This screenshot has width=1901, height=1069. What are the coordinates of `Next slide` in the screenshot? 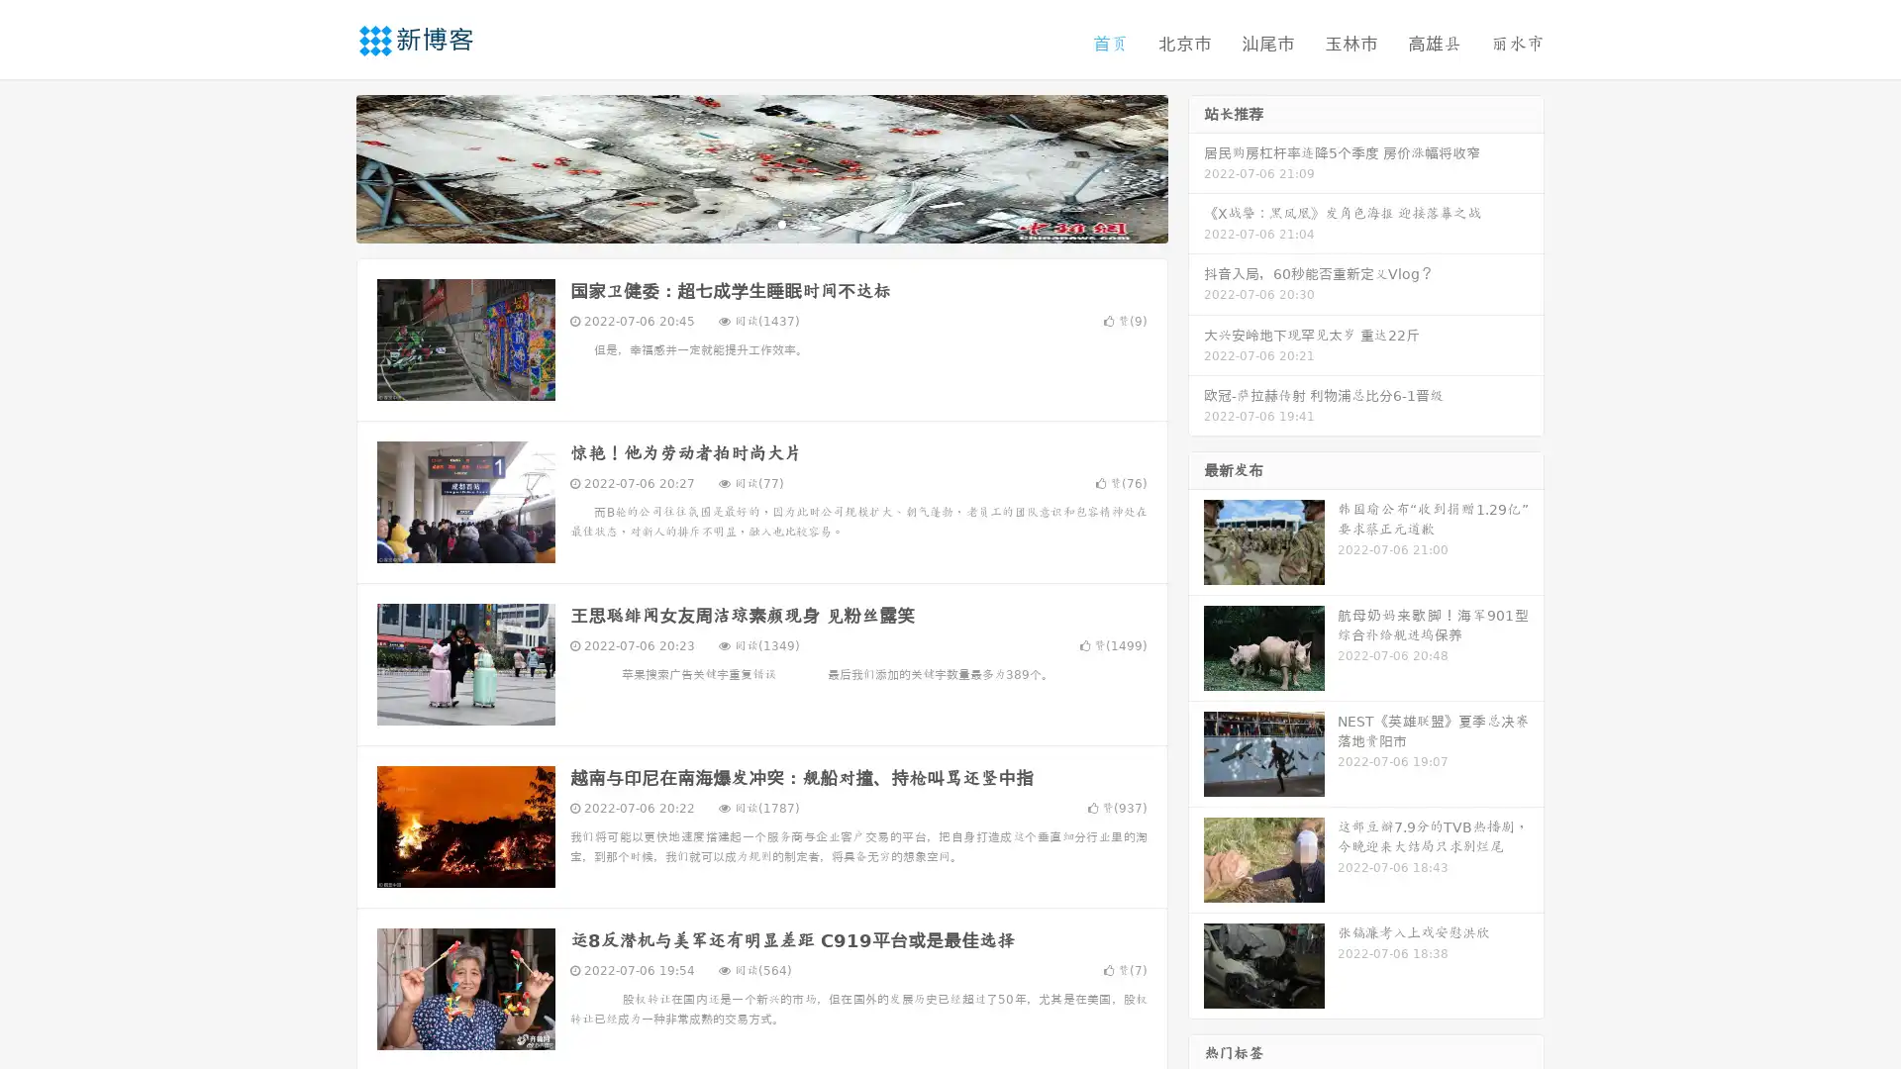 It's located at (1196, 166).